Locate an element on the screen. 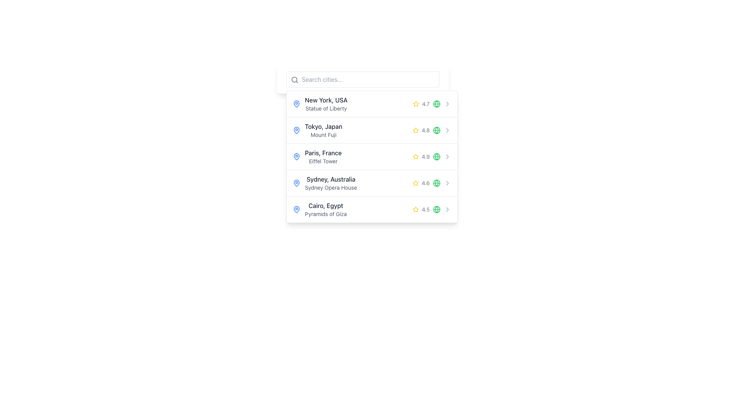 This screenshot has height=413, width=735. the globe icon located at the end of the list item for 'Tokyo, Japan' is located at coordinates (436, 130).